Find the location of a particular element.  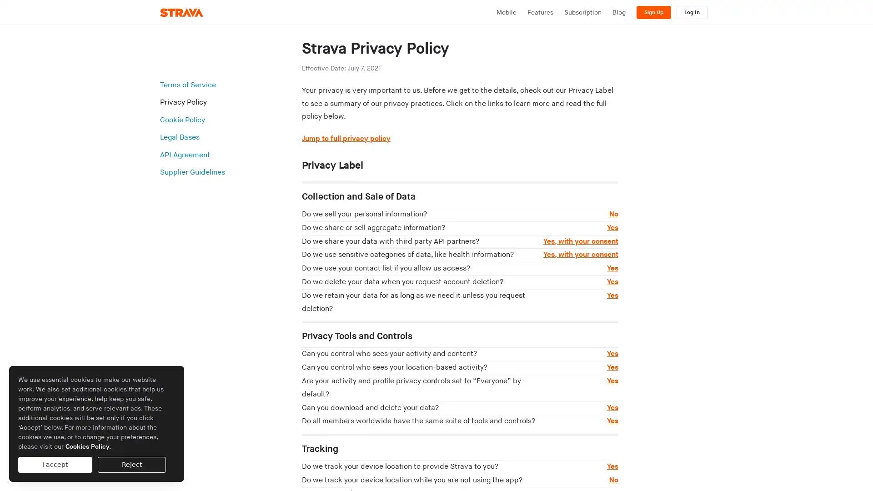

Reject is located at coordinates (131, 465).